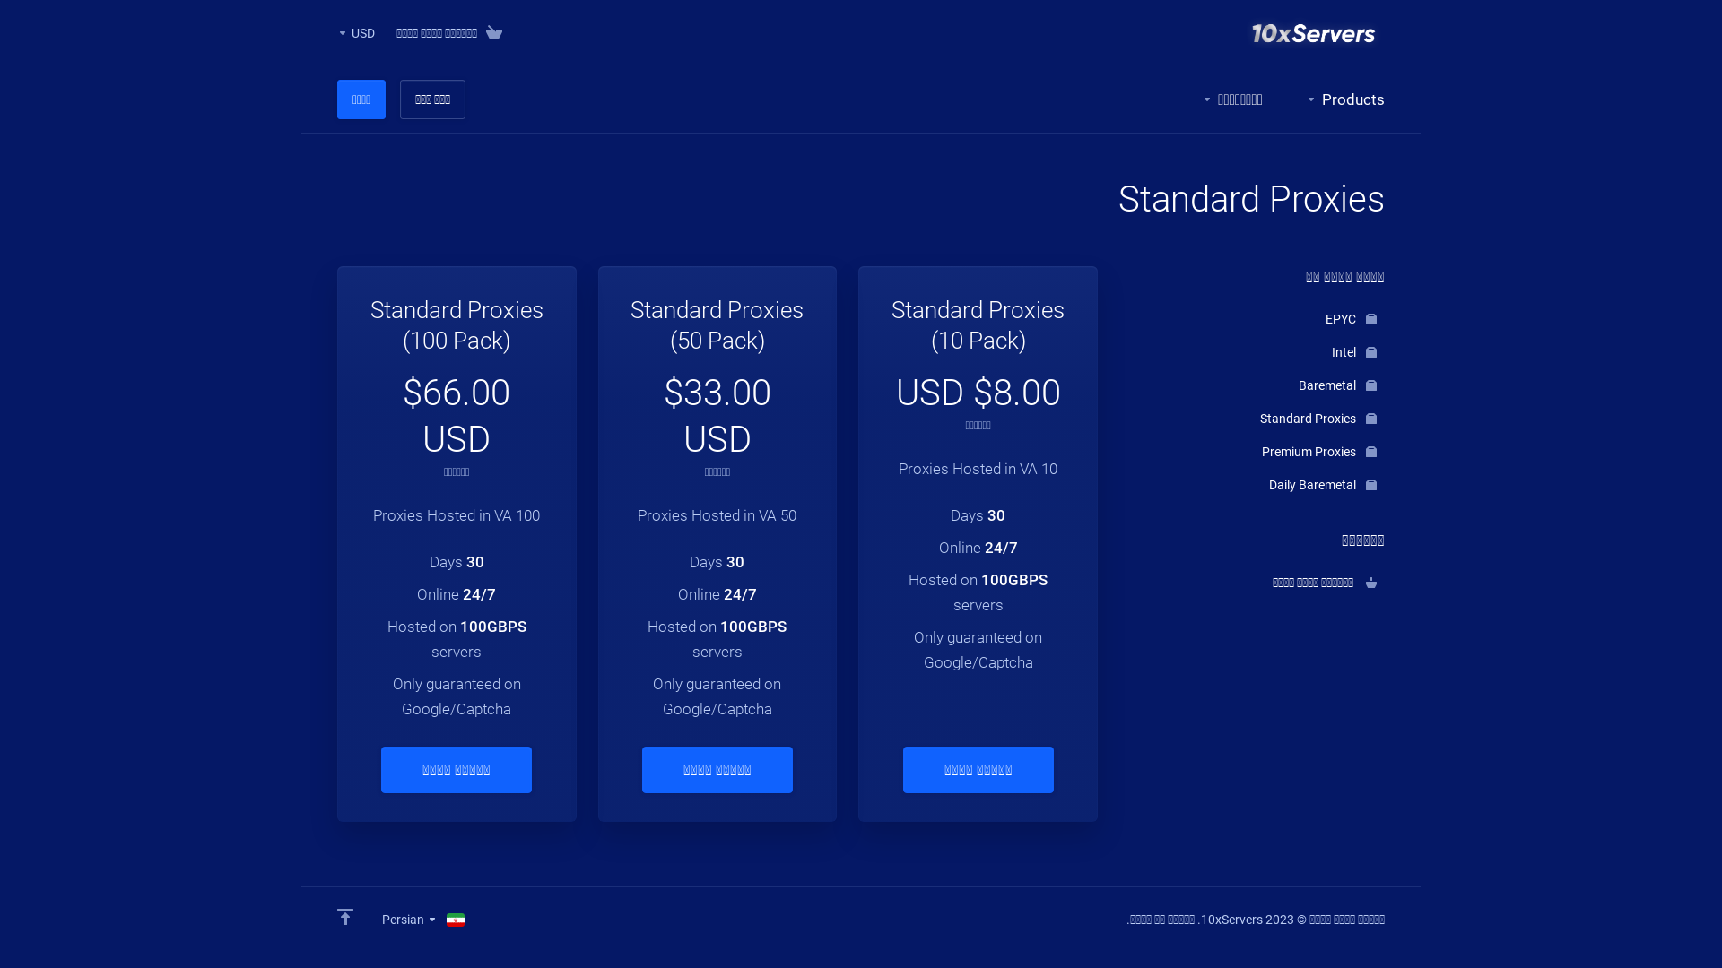  Describe the element at coordinates (1257, 418) in the screenshot. I see `'Standard Proxies'` at that location.